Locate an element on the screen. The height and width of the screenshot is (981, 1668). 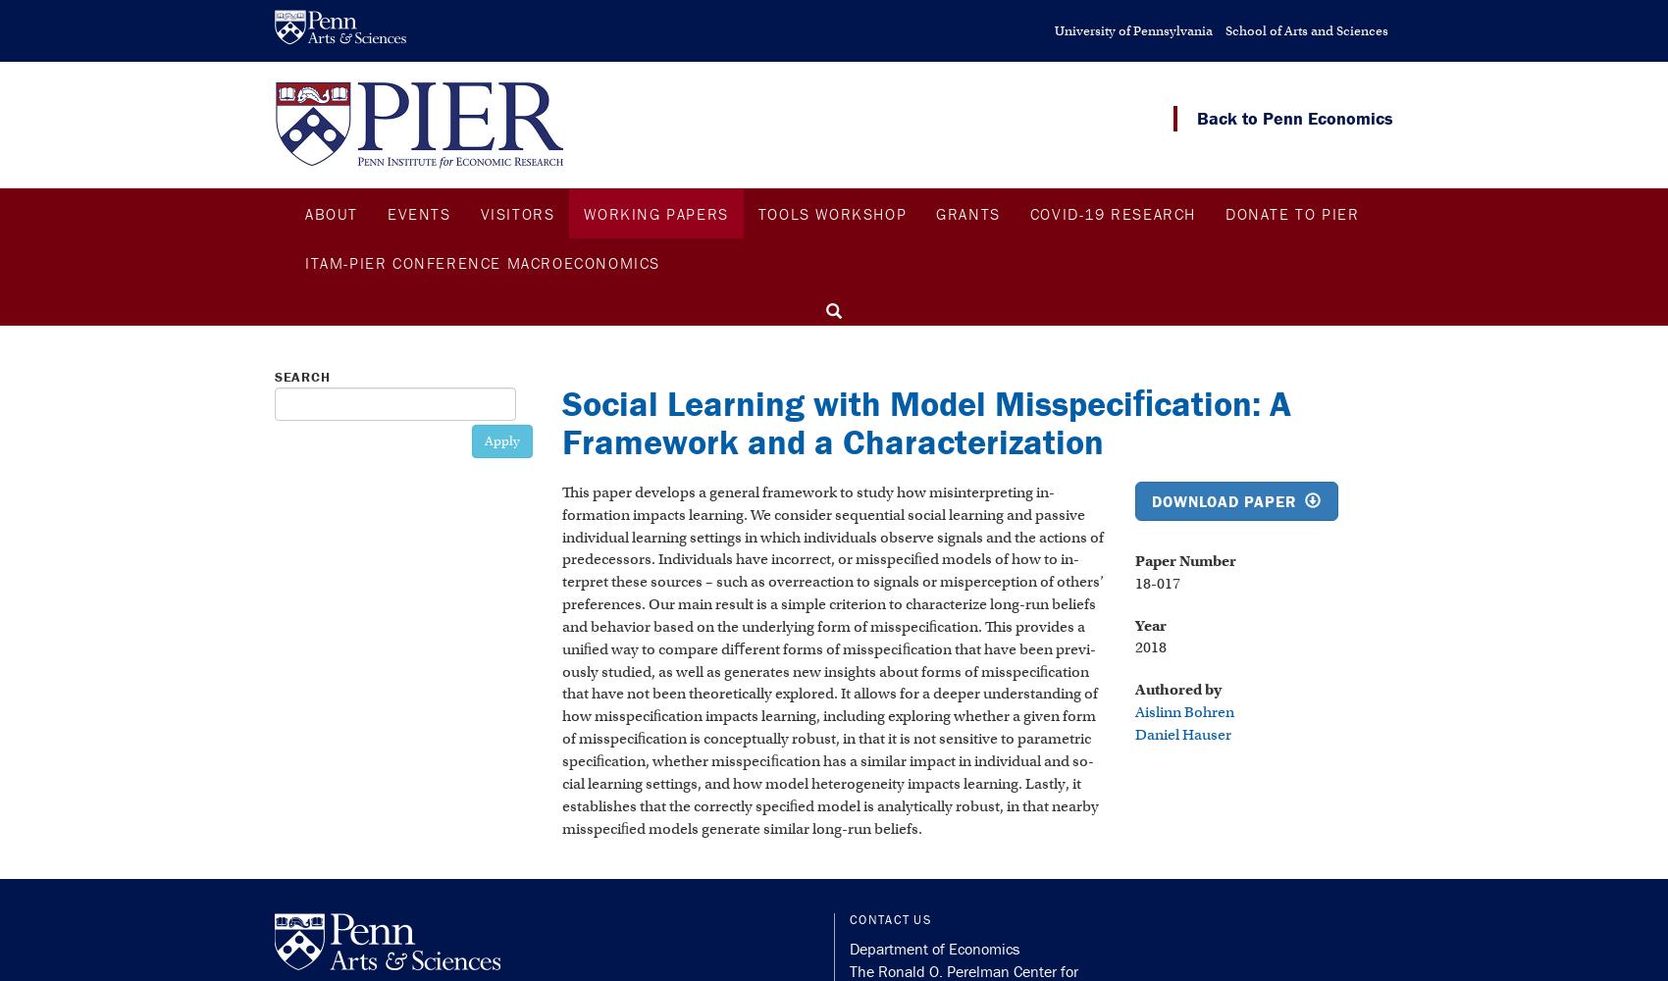
'Search' is located at coordinates (302, 377).